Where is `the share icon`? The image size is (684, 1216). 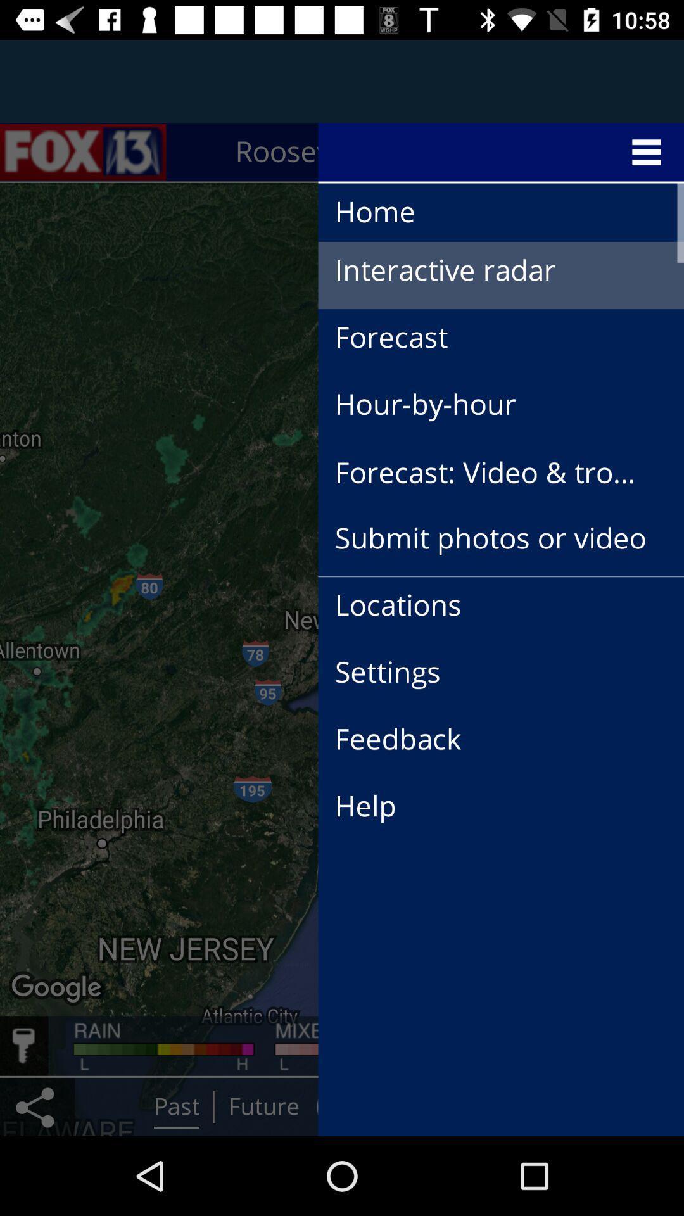
the share icon is located at coordinates (37, 1106).